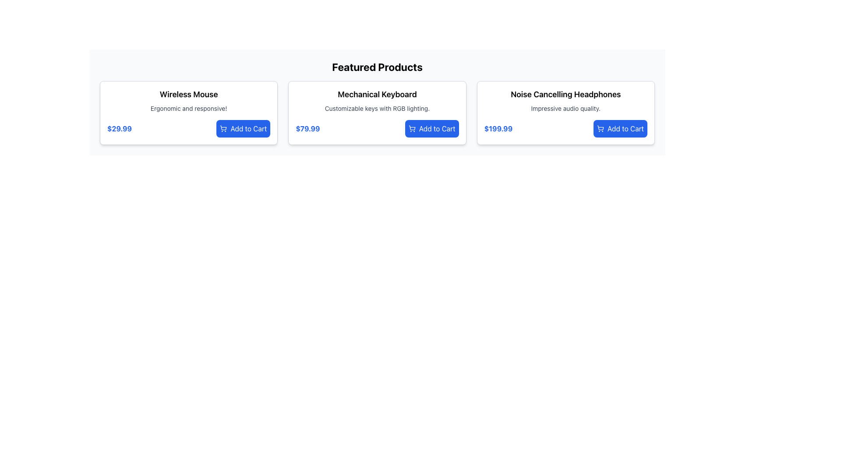  Describe the element at coordinates (565, 95) in the screenshot. I see `the text heading 'Noise Cancelling Headphones' to emphasize it` at that location.